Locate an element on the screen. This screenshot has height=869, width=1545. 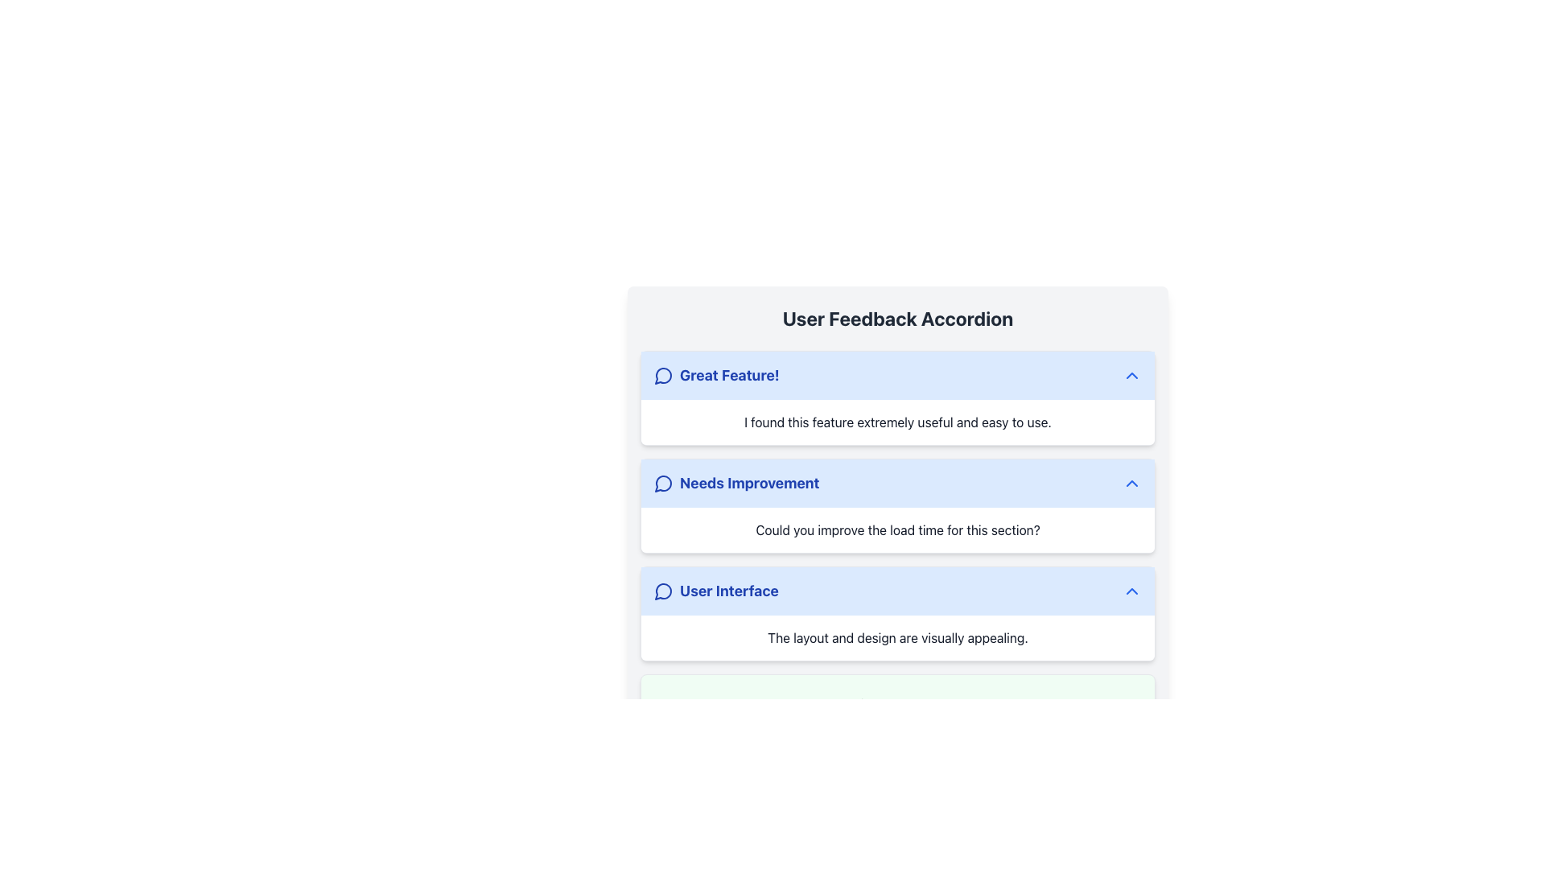
the first Accordion item titled 'Great Feature!' is located at coordinates (897, 397).